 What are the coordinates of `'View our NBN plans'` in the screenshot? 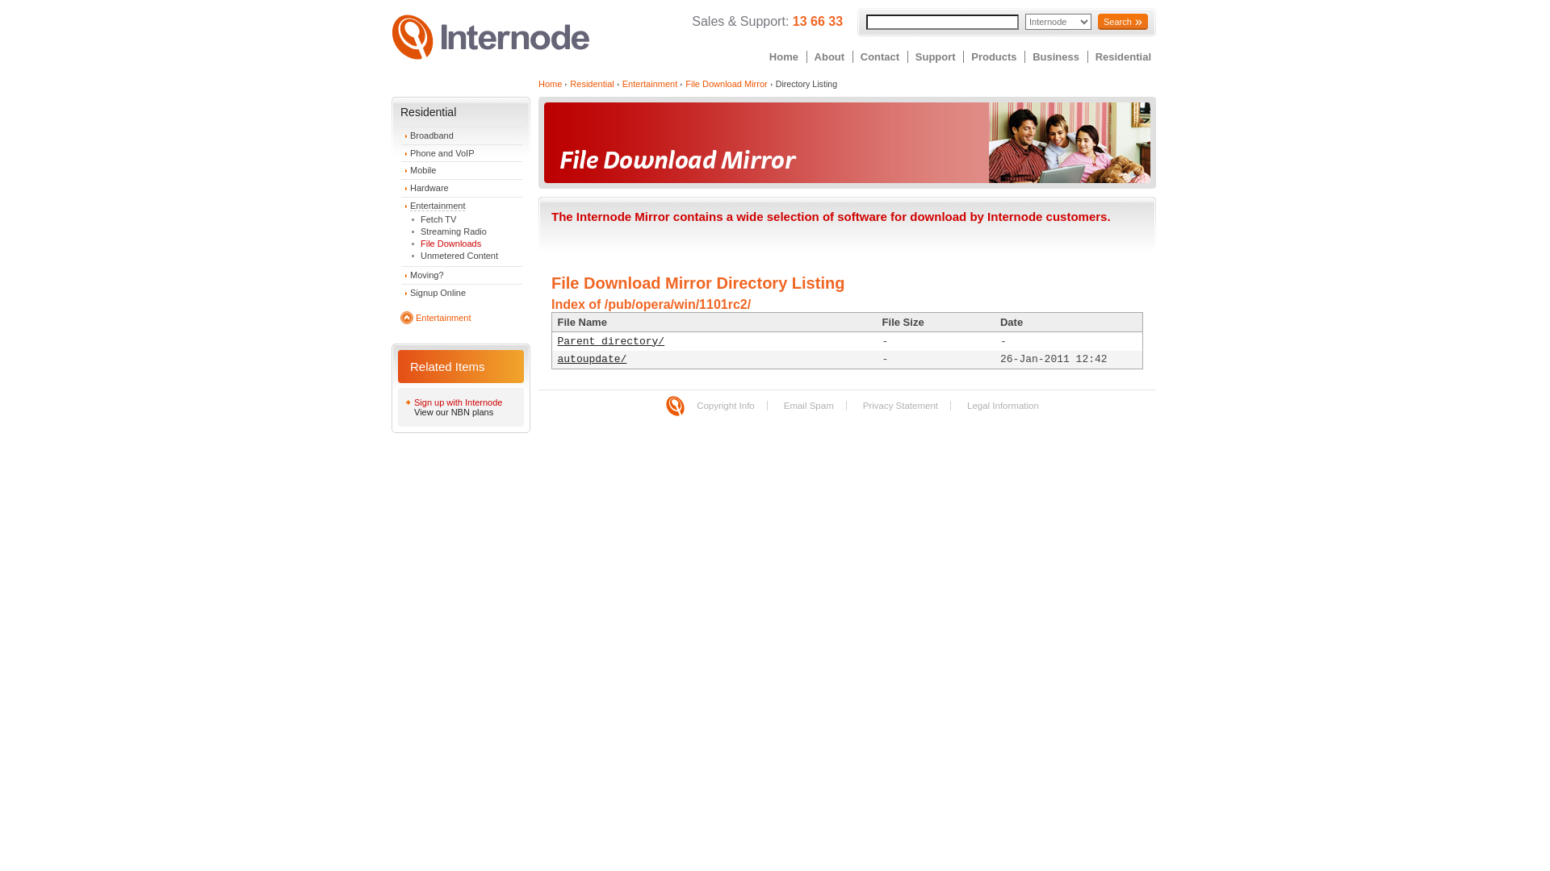 It's located at (464, 410).